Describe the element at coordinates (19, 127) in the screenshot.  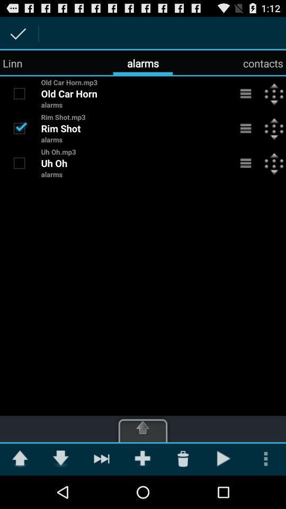
I see `untick alarm` at that location.